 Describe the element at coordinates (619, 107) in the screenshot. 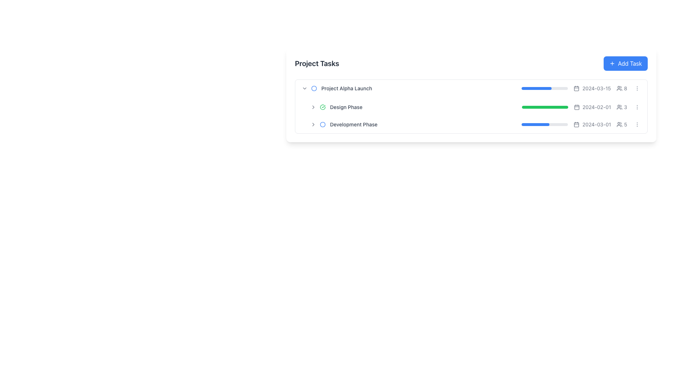

I see `the icon representing the number of users or team members associated with the 'Design Phase' task in the 'Project Tasks' list, located adjacent to the number '3'` at that location.